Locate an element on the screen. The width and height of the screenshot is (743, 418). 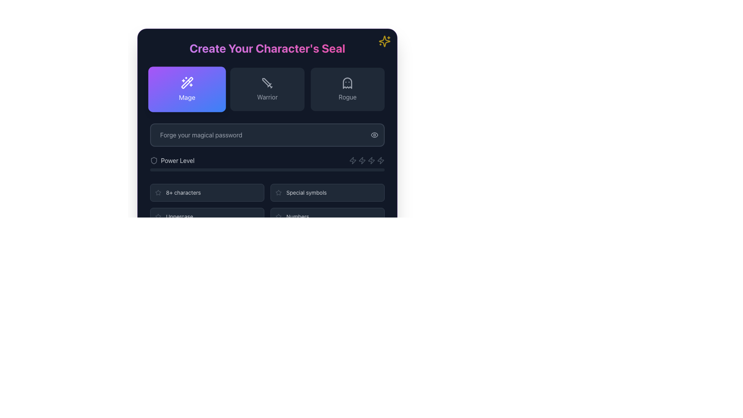
the 'Rogue' character class selection button located at the top-right corner of the grid beneath the title 'Create Your Character's Seal' is located at coordinates (347, 89).